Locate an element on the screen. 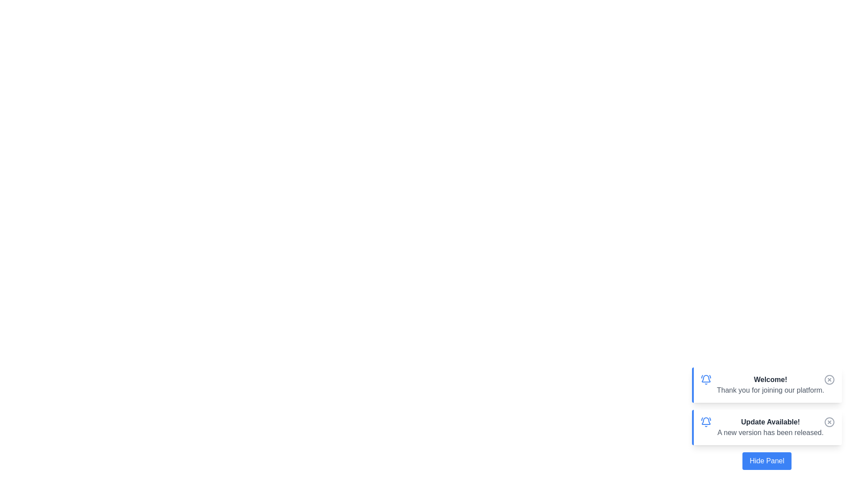  the button labeled 'Hide Panel' to toggle the visibility of the notification panel is located at coordinates (766, 461).